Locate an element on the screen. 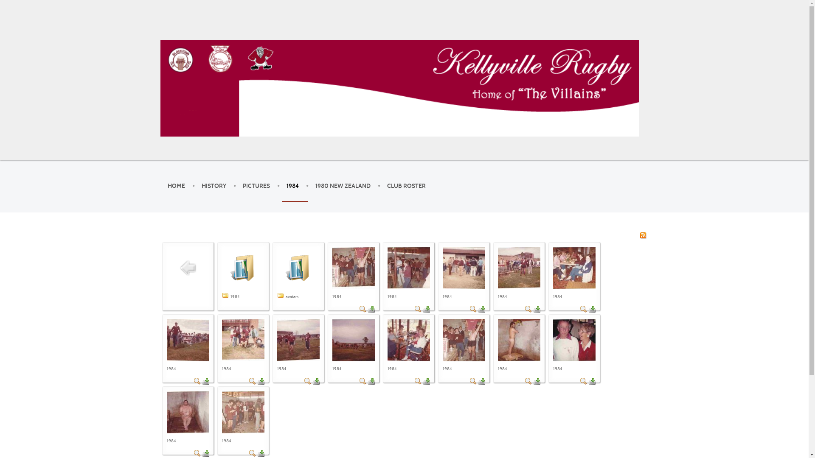 The height and width of the screenshot is (458, 815). 'HISTORY' is located at coordinates (214, 186).